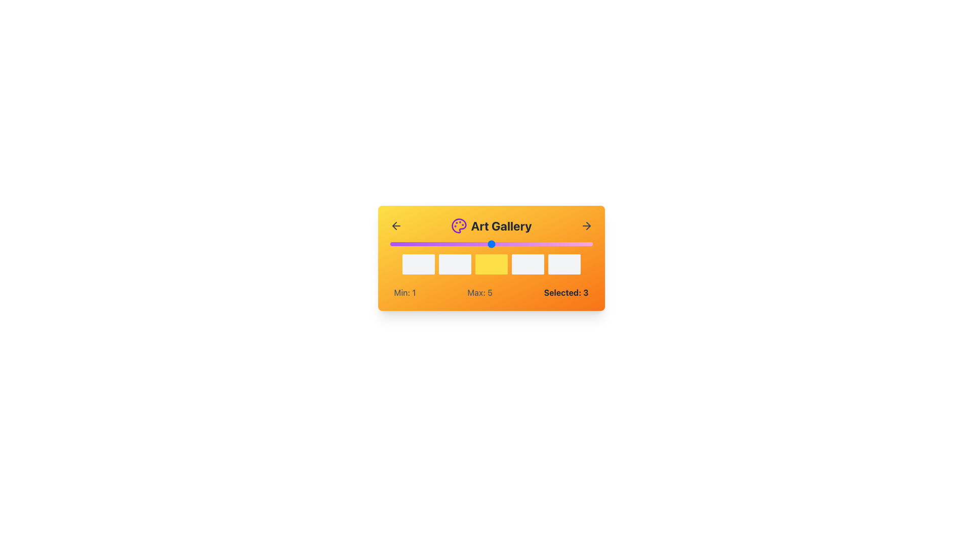 The width and height of the screenshot is (972, 546). What do you see at coordinates (395, 225) in the screenshot?
I see `the left-pointing arrow icon, which is dark gray and 24x24 pixels in size, located to the left of the title 'Art Gallery'` at bounding box center [395, 225].